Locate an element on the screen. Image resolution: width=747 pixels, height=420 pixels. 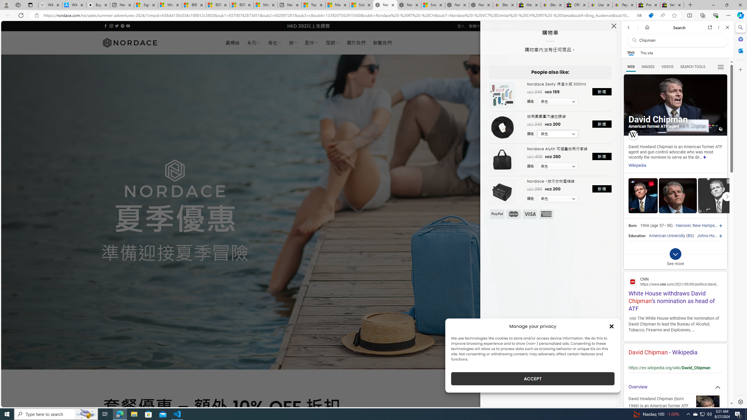
'Search Filter, WEB' is located at coordinates (631, 66).